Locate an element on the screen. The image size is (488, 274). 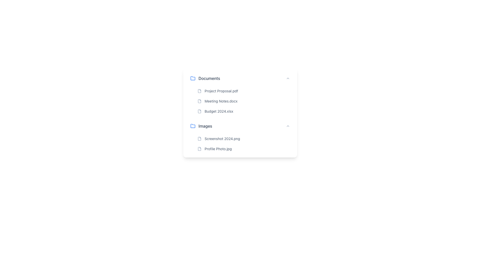
the icon representing the 'Budget 2024.xlsx' file, which is positioned at the beginning of the entry row for this document in the list under the 'Documents' section is located at coordinates (199, 111).